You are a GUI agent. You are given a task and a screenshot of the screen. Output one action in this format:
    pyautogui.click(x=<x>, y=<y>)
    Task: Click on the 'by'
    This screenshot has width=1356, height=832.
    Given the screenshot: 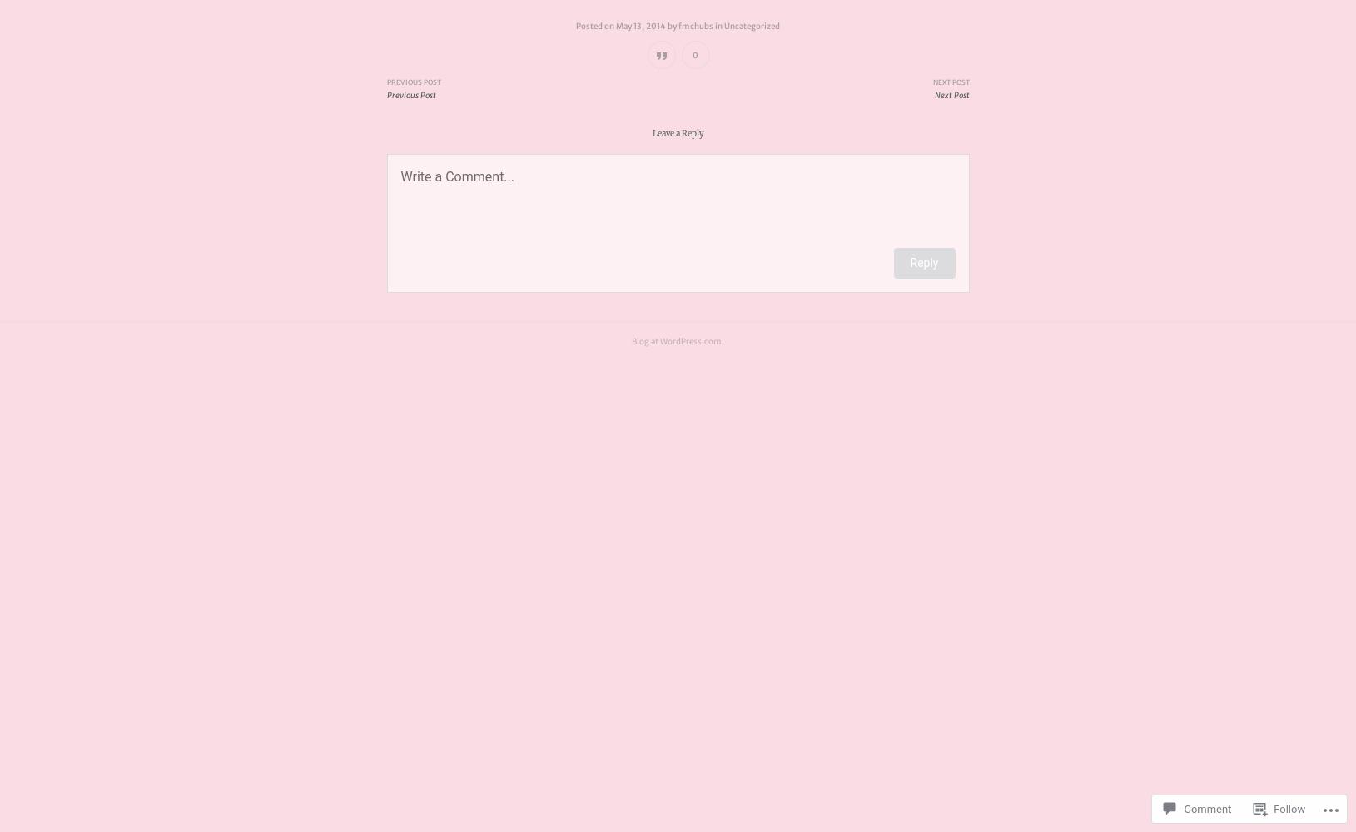 What is the action you would take?
    pyautogui.click(x=671, y=26)
    